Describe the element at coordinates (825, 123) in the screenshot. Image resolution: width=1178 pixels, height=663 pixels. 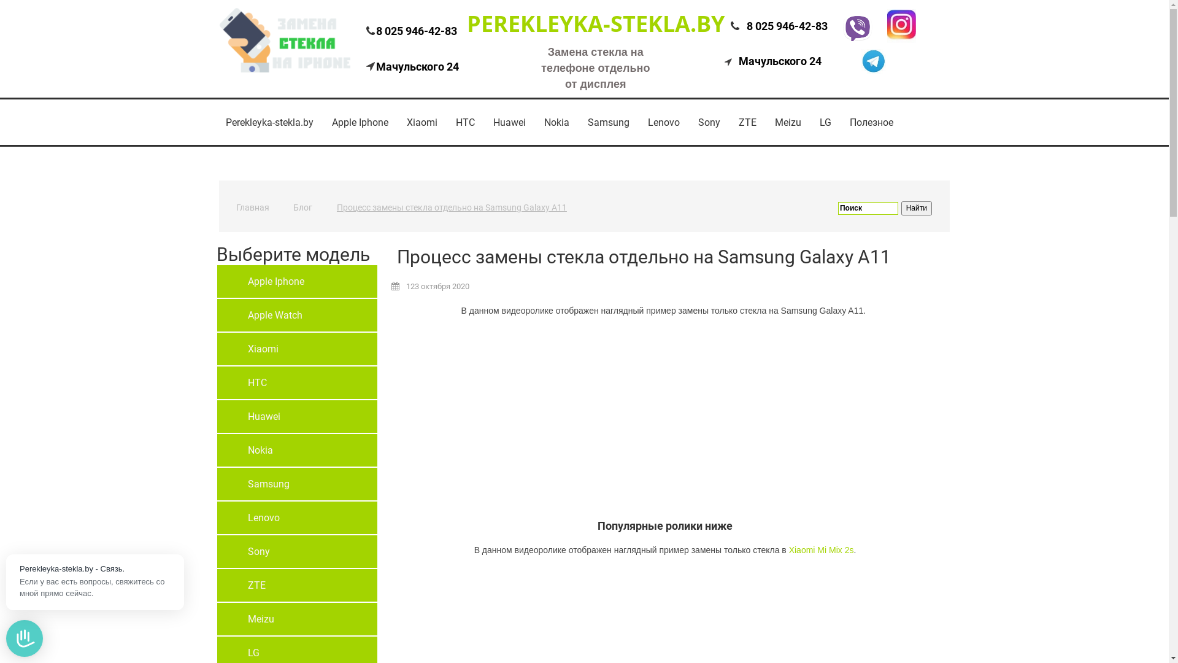
I see `'LG'` at that location.